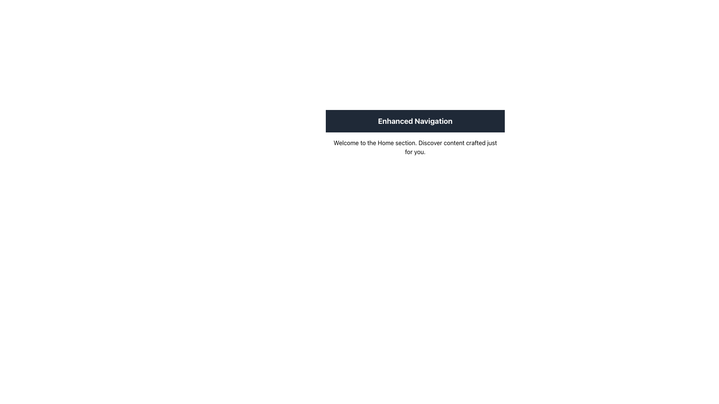 The width and height of the screenshot is (719, 404). Describe the element at coordinates (415, 147) in the screenshot. I see `welcoming message in the Static Text Block located directly beneath the 'Enhanced Navigation' element` at that location.